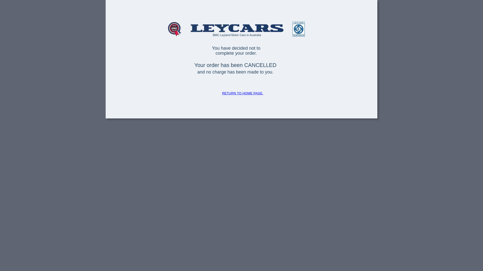 Image resolution: width=483 pixels, height=271 pixels. I want to click on 'RETURN TO HOME PAGE ', so click(222, 93).